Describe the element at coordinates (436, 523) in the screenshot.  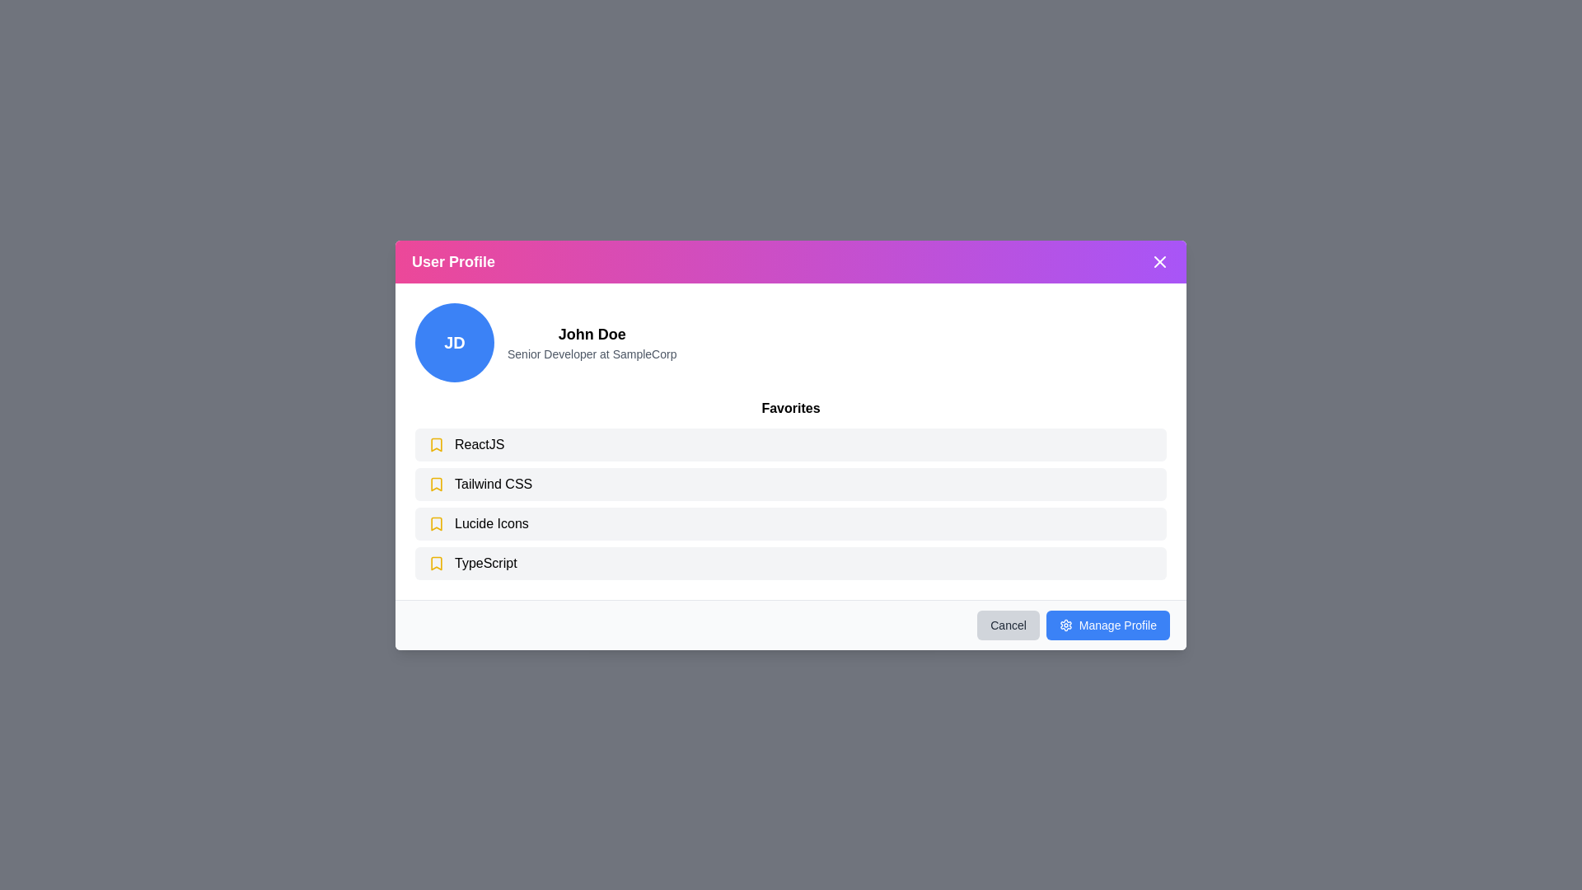
I see `the favorite icon for 'Lucide Icons' located in the third row of the favorites list` at that location.